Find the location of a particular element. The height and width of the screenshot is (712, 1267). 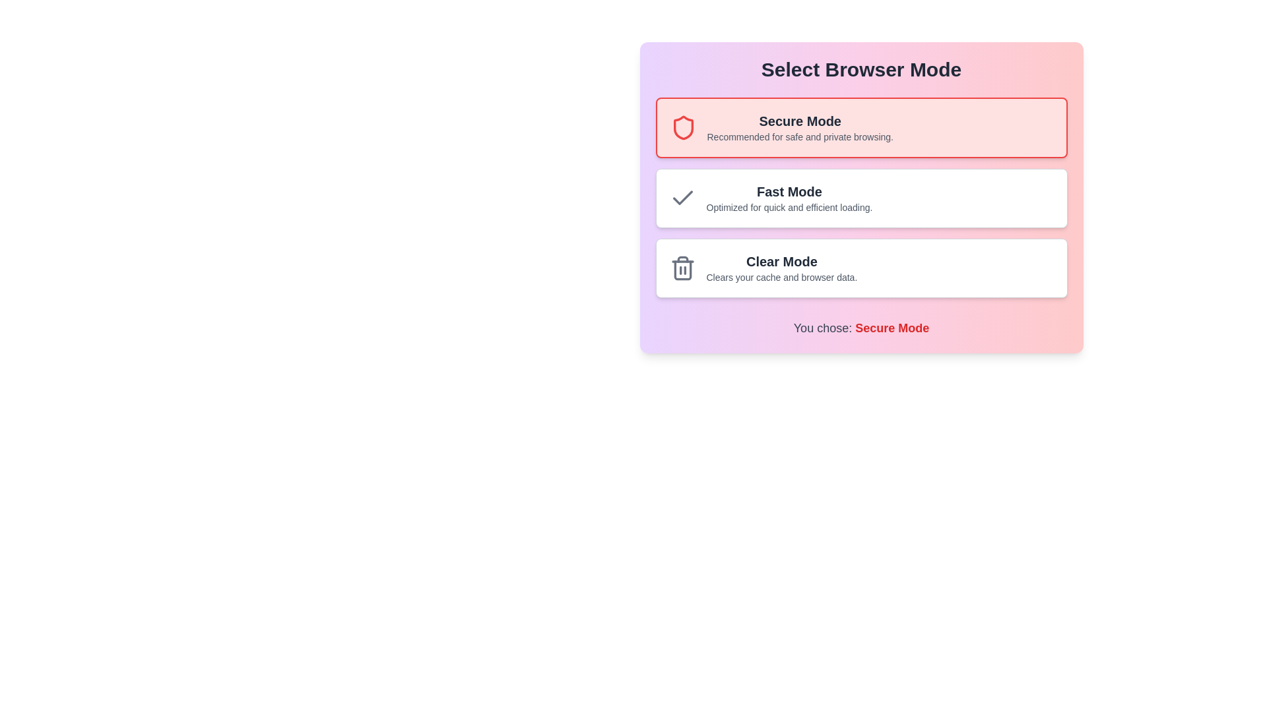

the descriptive text that explains the benefits of 'Secure Mode,' which is positioned directly below the 'Secure Mode' header is located at coordinates (799, 137).